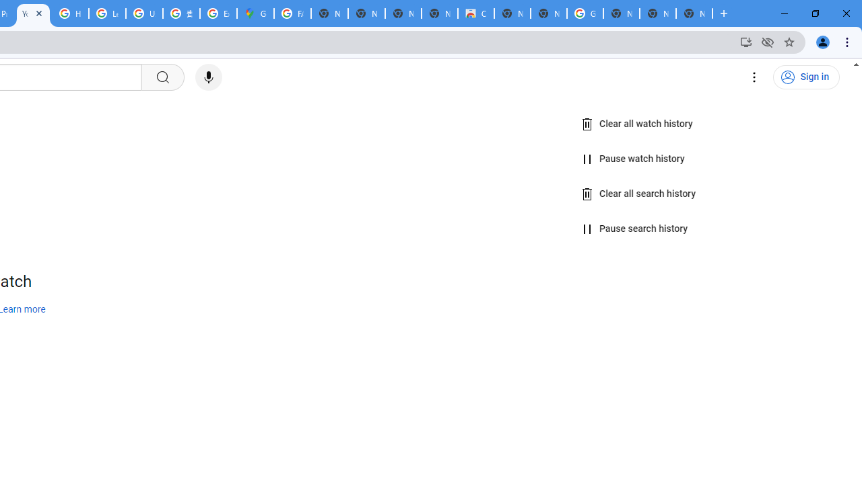 The height and width of the screenshot is (484, 862). Describe the element at coordinates (475, 13) in the screenshot. I see `'Chrome Web Store'` at that location.